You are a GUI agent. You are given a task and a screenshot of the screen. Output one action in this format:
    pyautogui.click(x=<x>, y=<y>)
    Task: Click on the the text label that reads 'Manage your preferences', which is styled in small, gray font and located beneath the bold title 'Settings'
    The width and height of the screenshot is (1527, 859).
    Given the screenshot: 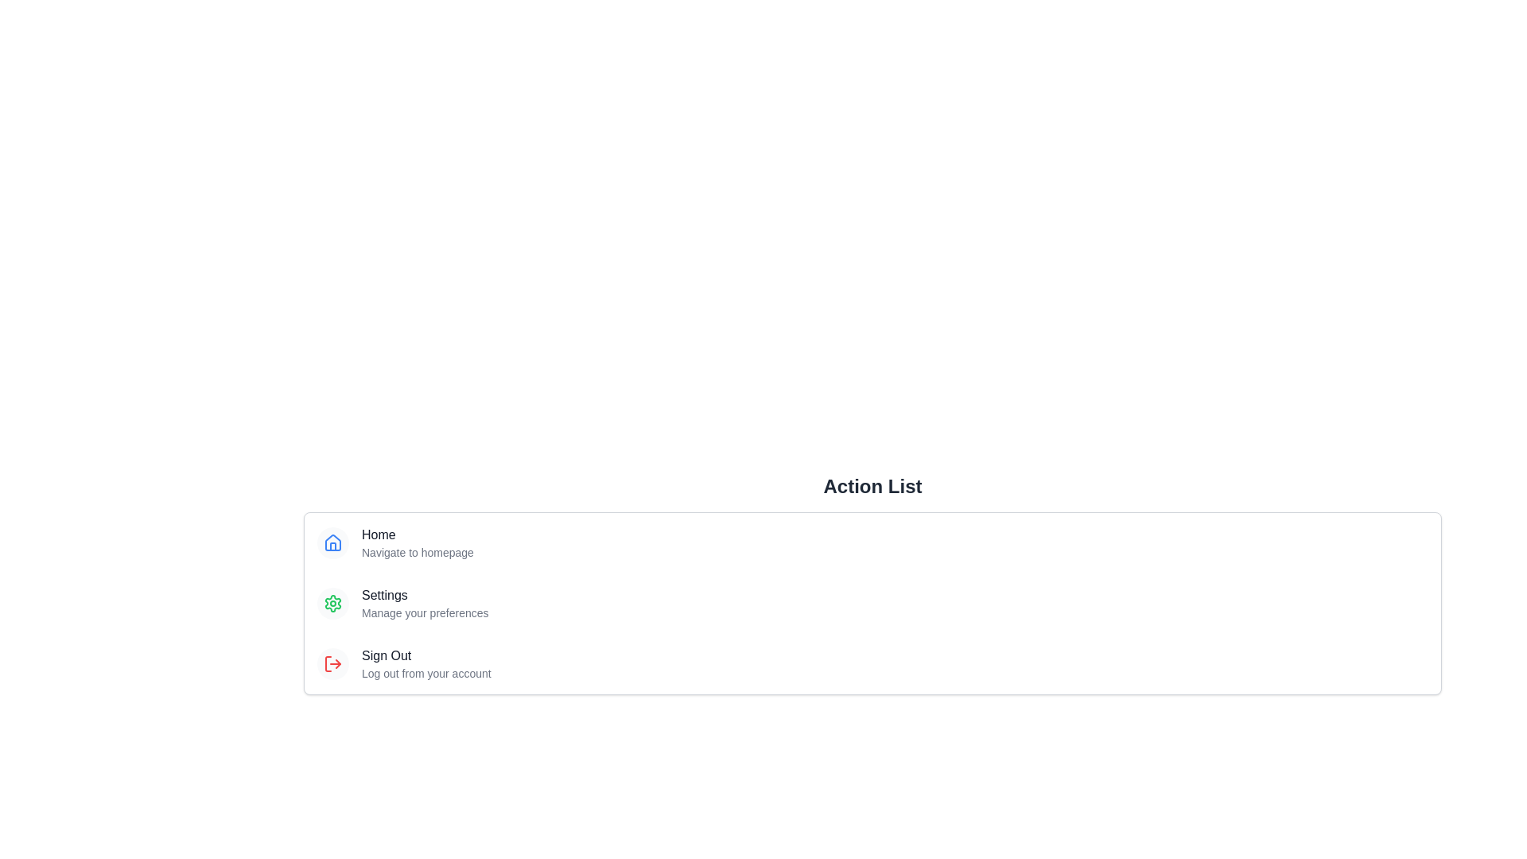 What is the action you would take?
    pyautogui.click(x=425, y=612)
    